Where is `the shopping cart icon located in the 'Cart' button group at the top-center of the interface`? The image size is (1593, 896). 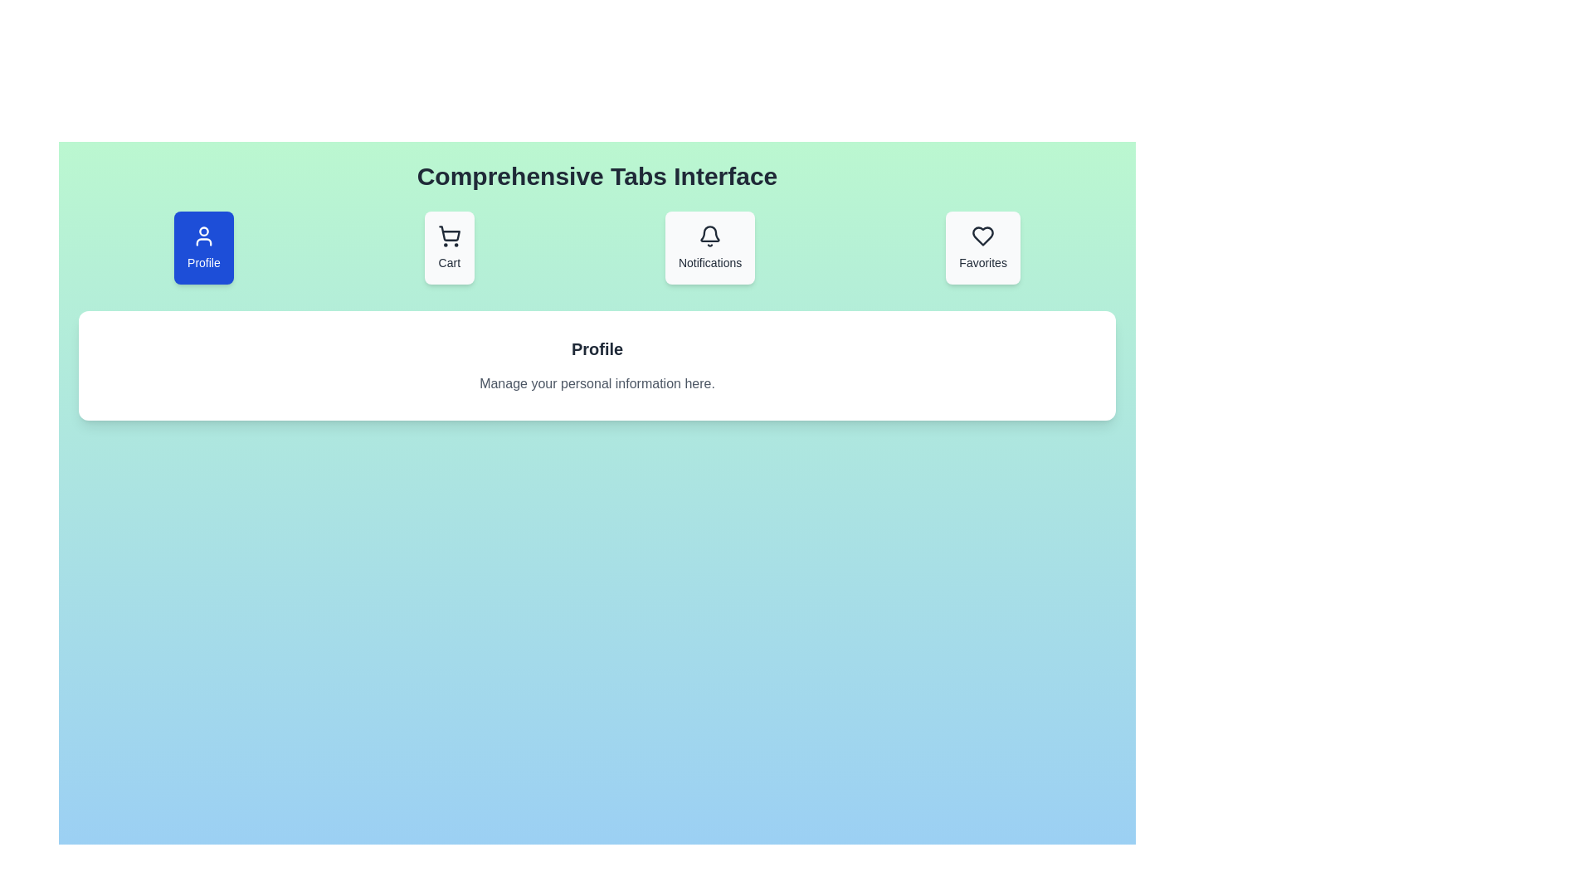
the shopping cart icon located in the 'Cart' button group at the top-center of the interface is located at coordinates (450, 233).